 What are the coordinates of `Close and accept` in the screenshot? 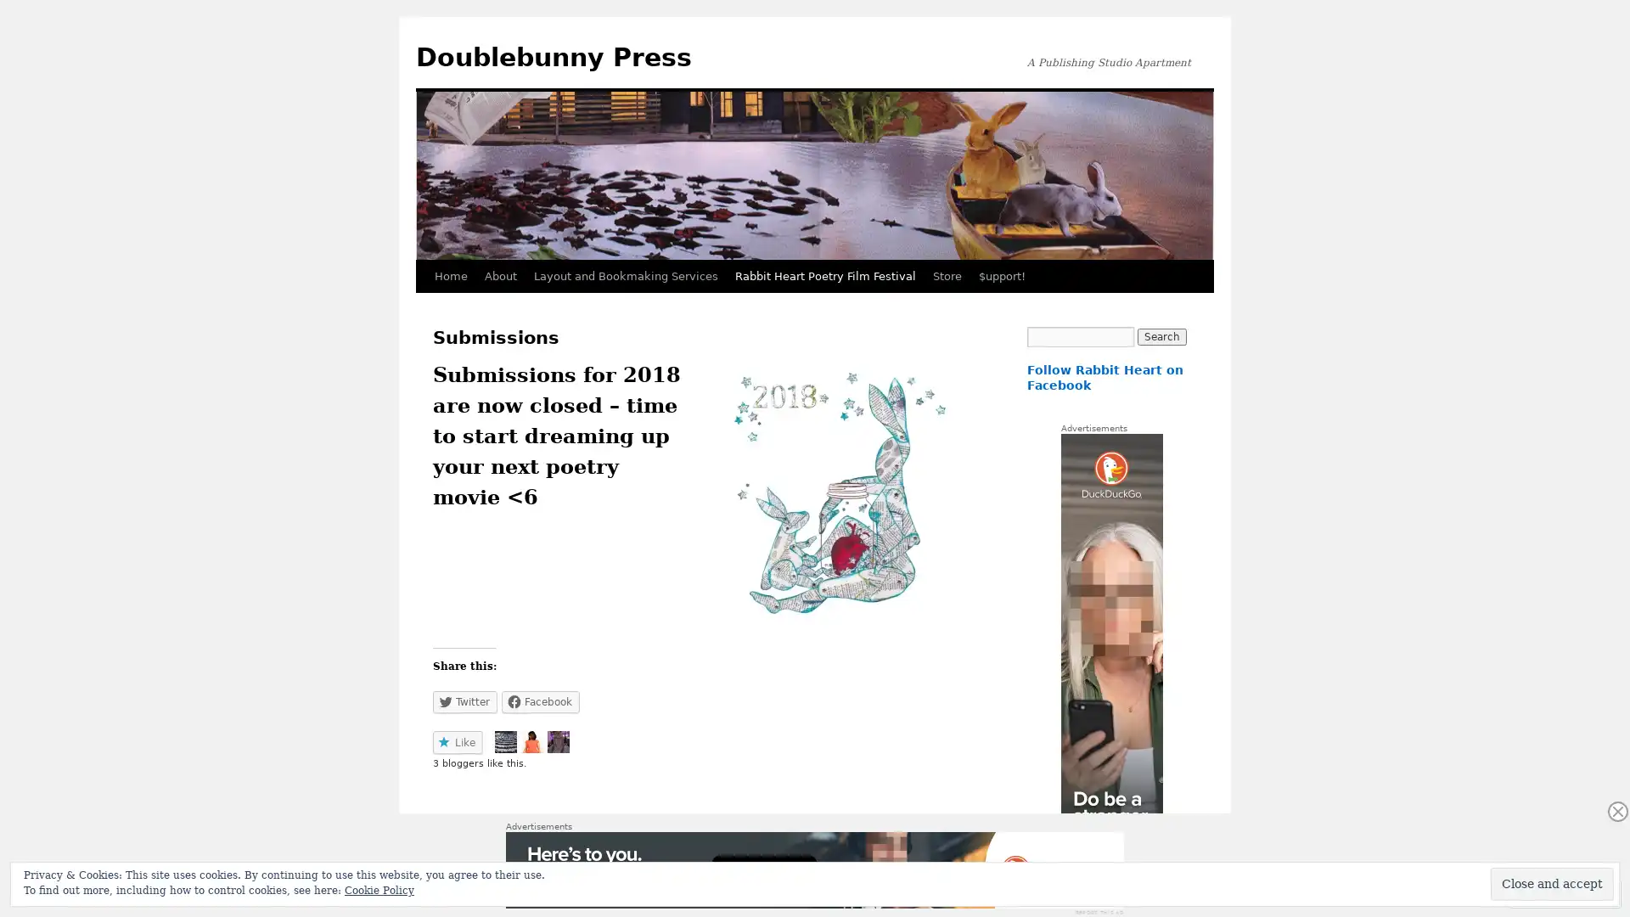 It's located at (1552, 883).